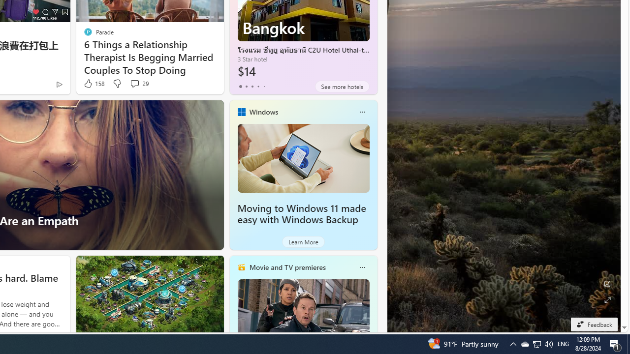 Image resolution: width=630 pixels, height=354 pixels. What do you see at coordinates (286, 267) in the screenshot?
I see `'Movie and TV premieres'` at bounding box center [286, 267].